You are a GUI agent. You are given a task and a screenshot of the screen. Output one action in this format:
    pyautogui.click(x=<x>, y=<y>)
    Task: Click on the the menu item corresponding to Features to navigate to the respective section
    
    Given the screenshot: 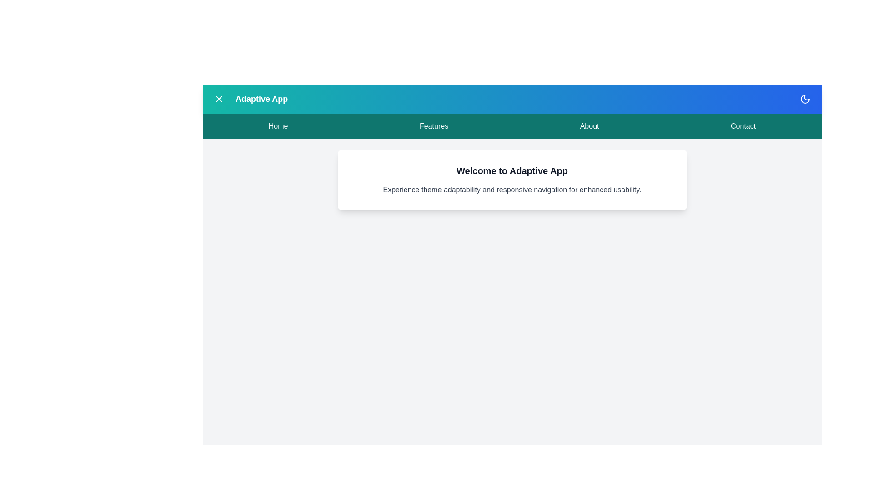 What is the action you would take?
    pyautogui.click(x=433, y=126)
    